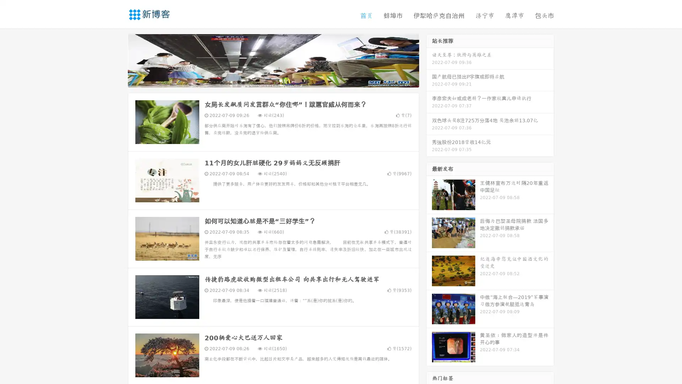 Image resolution: width=682 pixels, height=384 pixels. I want to click on Next slide, so click(429, 60).